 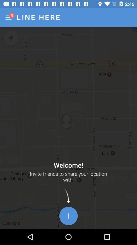 I want to click on the add icon, so click(x=68, y=216).